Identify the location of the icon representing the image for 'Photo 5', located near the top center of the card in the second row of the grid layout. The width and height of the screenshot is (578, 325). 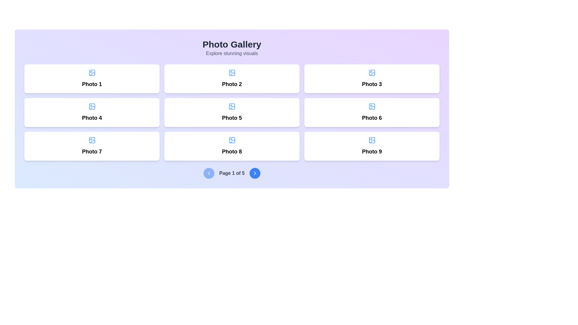
(232, 106).